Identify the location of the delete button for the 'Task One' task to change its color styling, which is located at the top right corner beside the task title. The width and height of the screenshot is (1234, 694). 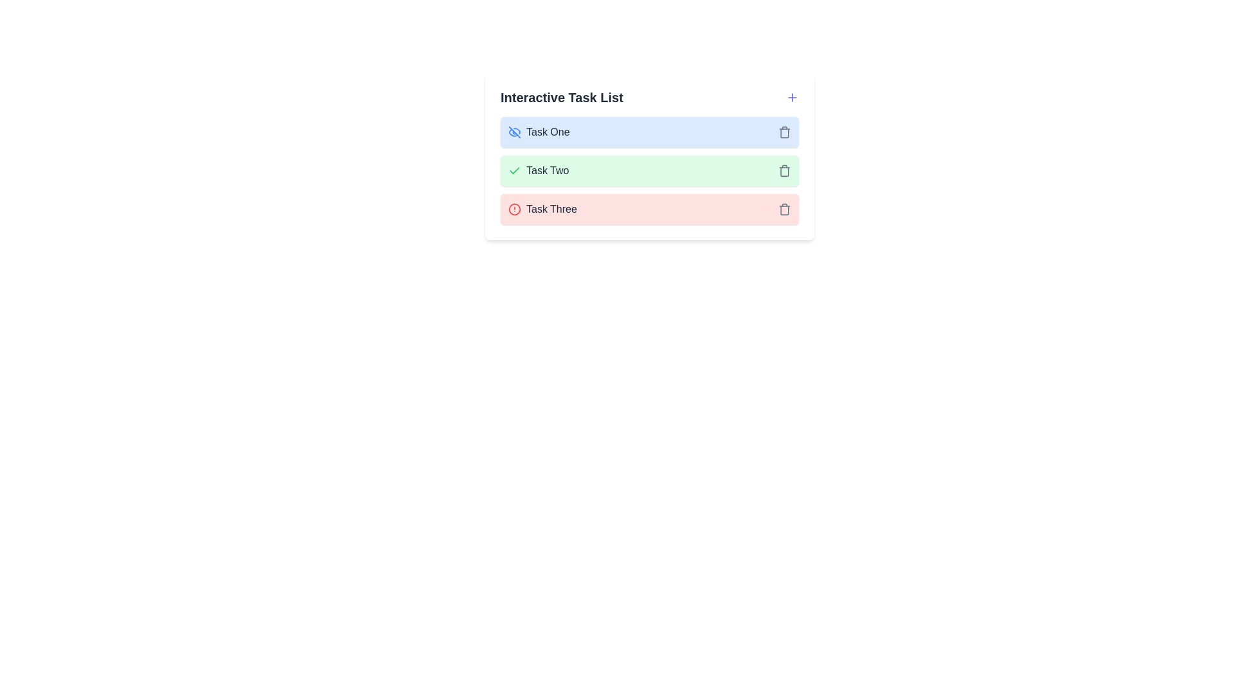
(783, 132).